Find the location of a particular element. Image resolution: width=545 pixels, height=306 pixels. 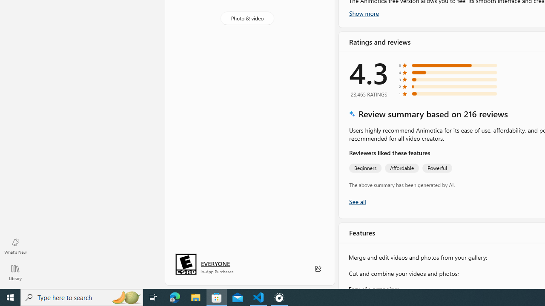

'Share' is located at coordinates (317, 269).